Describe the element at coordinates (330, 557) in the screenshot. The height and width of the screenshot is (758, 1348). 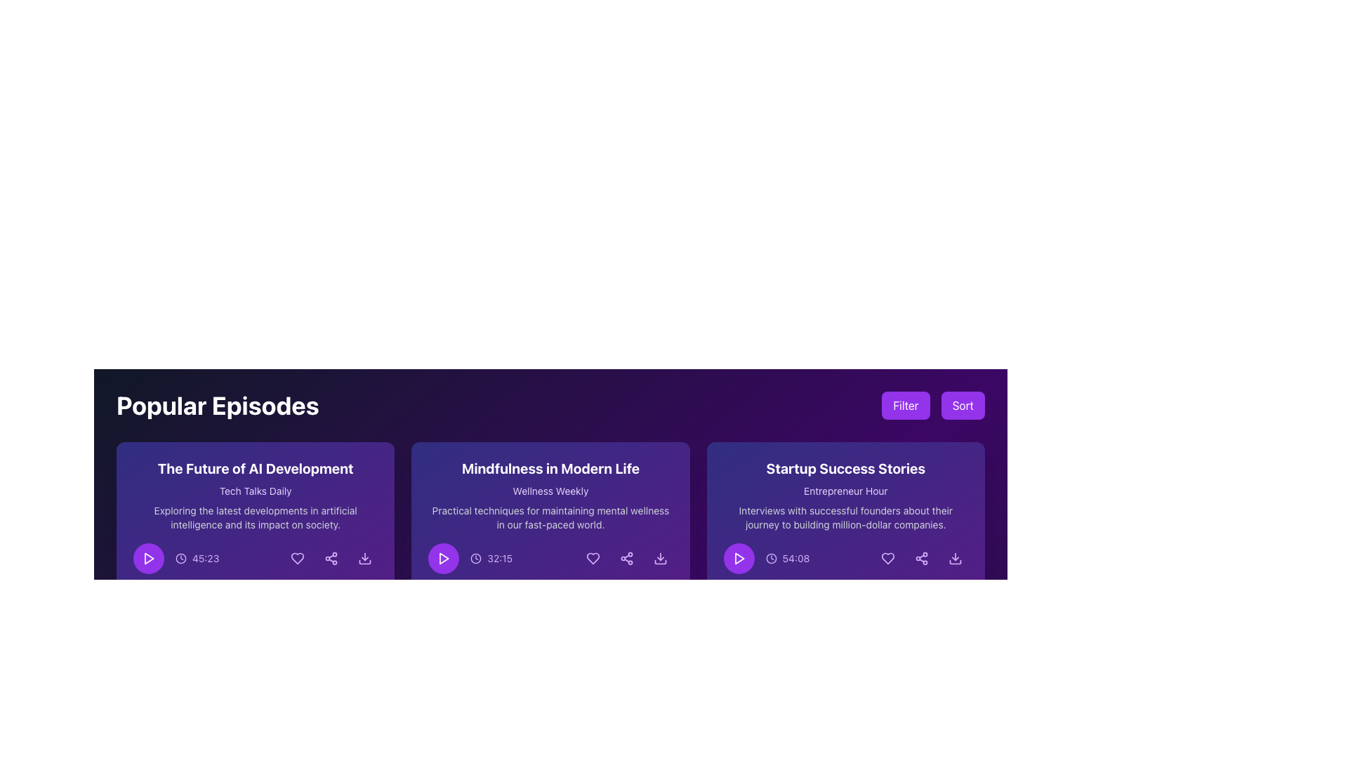
I see `the share icon, which is styled as a share symbol with three interconnected nodes, located under the duration details in the last card` at that location.